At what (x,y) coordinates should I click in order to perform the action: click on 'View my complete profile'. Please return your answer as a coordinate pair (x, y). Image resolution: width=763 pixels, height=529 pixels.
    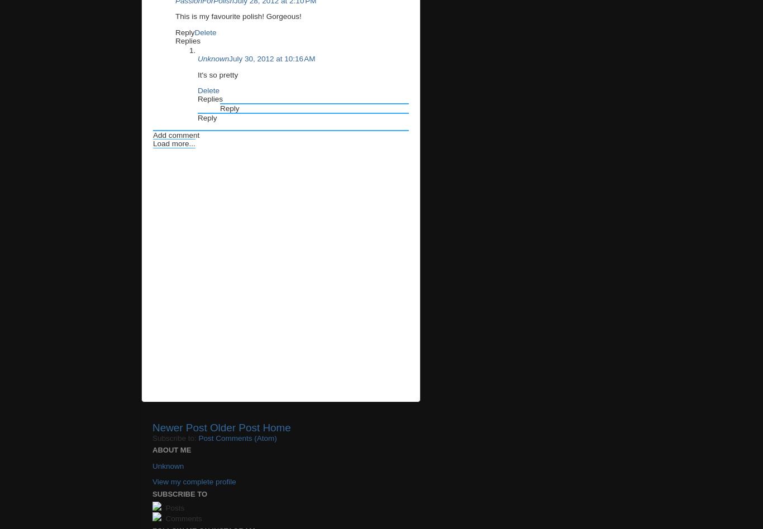
    Looking at the image, I should click on (193, 481).